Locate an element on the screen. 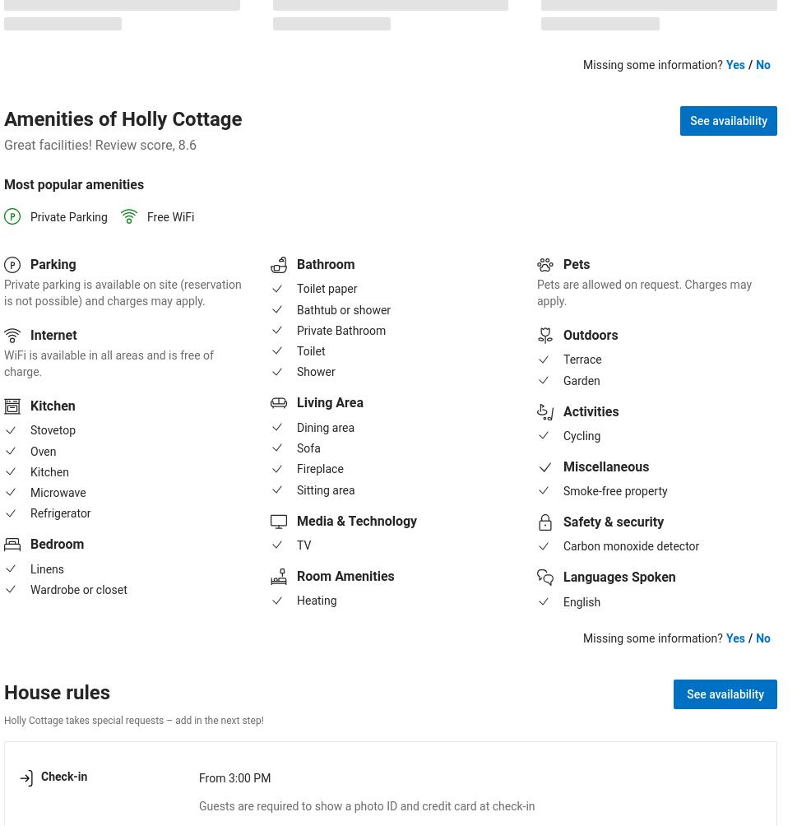 The width and height of the screenshot is (797, 826). 'Bathroom' is located at coordinates (326, 263).